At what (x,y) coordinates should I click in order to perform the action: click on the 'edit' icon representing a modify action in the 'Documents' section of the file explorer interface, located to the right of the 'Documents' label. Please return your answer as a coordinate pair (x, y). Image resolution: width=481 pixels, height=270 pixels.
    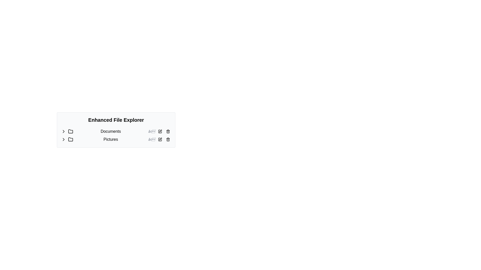
    Looking at the image, I should click on (160, 131).